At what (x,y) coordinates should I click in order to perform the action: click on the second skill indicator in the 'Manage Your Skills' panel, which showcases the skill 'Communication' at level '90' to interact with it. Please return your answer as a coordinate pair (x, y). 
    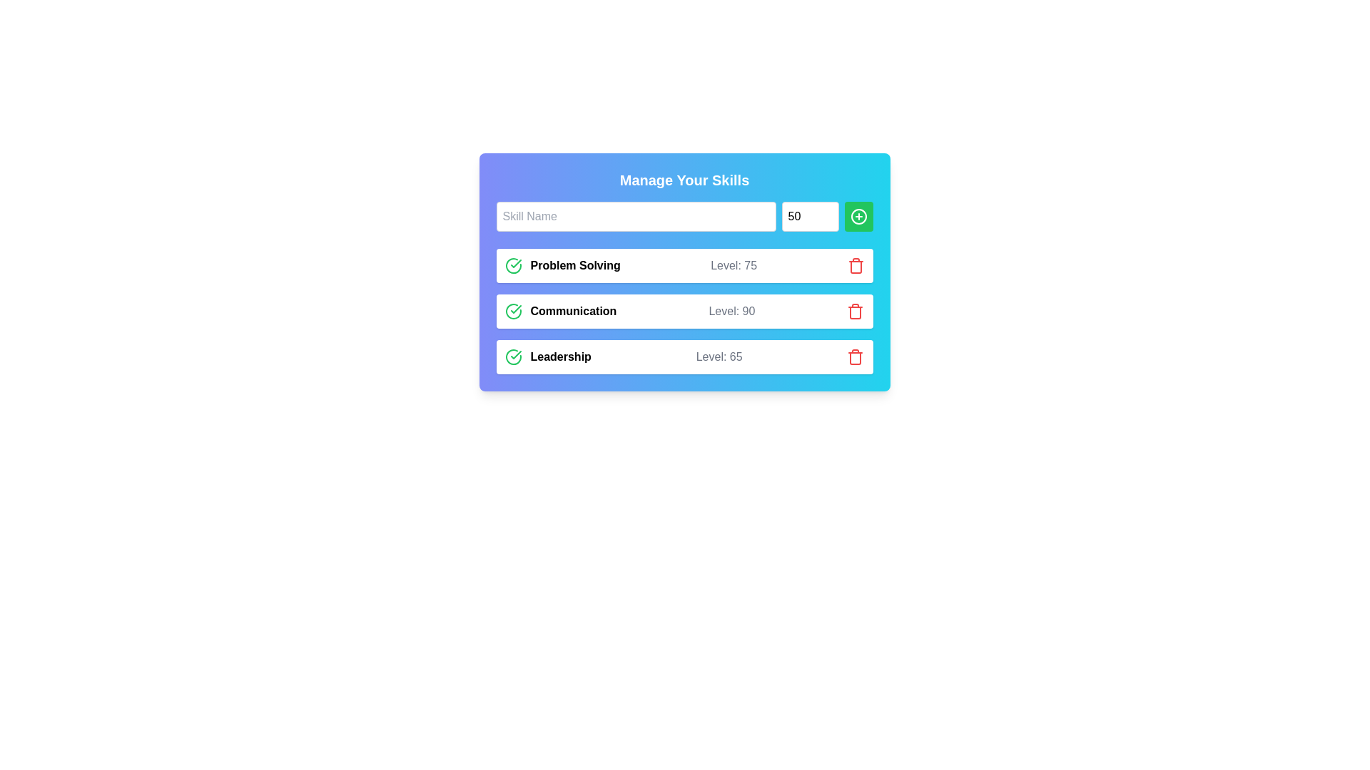
    Looking at the image, I should click on (684, 310).